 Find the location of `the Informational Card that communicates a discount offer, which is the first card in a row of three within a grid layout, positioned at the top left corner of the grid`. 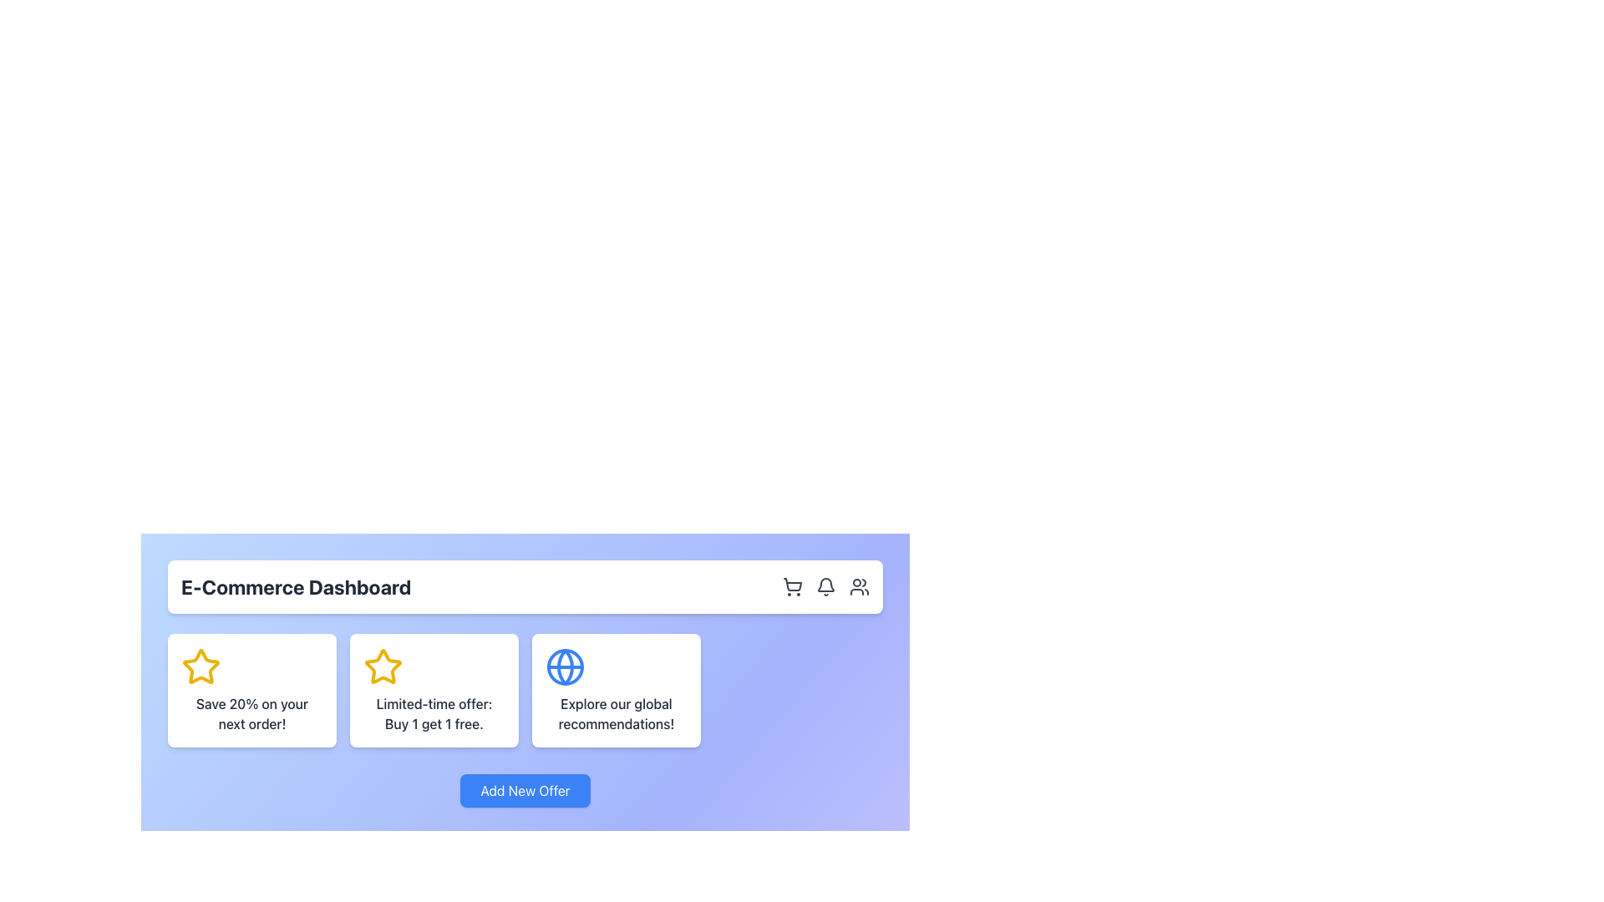

the Informational Card that communicates a discount offer, which is the first card in a row of three within a grid layout, positioned at the top left corner of the grid is located at coordinates (251, 690).